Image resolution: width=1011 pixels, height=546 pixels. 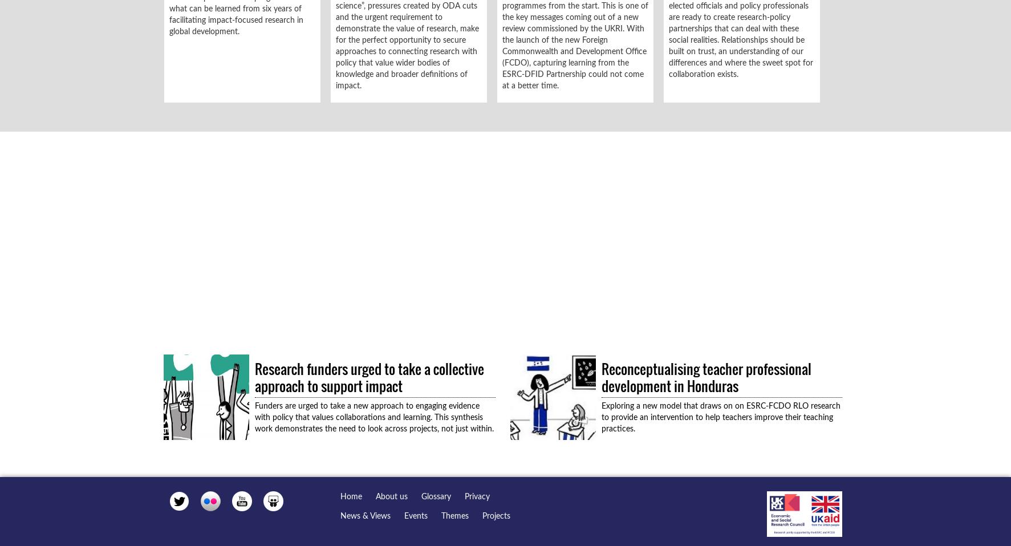 I want to click on 'Funders are urged to take a new approach to engaging evidence with policy that values collaborations and learning. This synthesis work demonstrates the need to look across projects, not just within.', so click(x=373, y=417).